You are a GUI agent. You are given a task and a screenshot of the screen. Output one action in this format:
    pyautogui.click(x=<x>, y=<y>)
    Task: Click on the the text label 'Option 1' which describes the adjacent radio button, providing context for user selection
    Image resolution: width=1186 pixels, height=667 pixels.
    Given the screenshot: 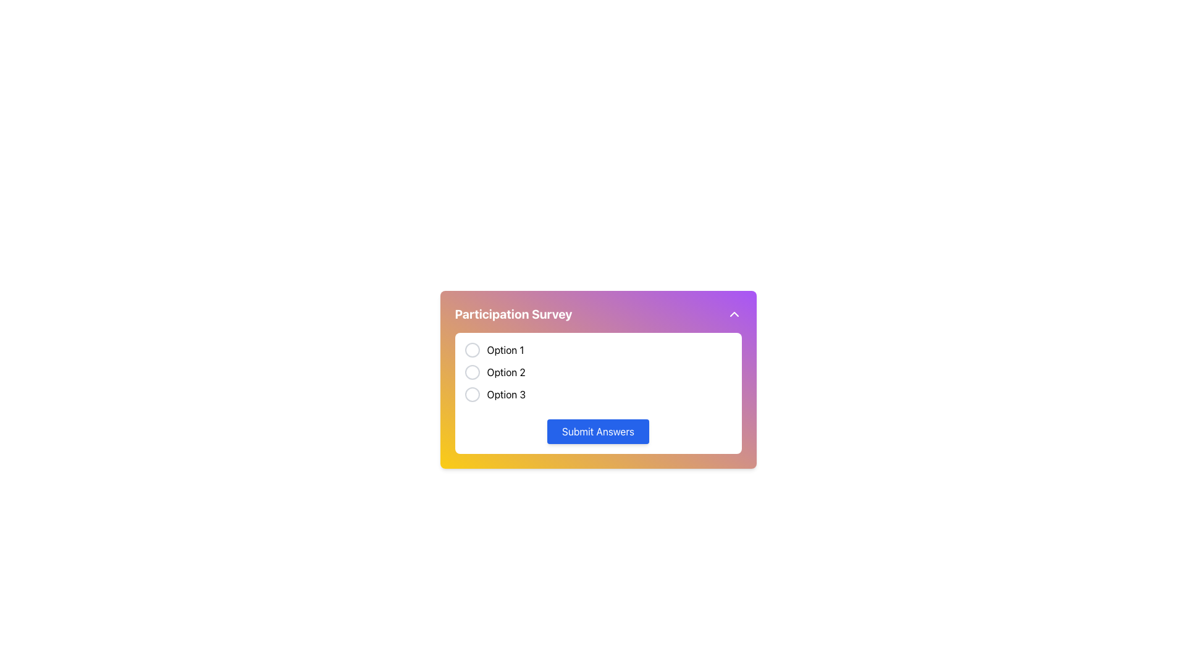 What is the action you would take?
    pyautogui.click(x=505, y=350)
    